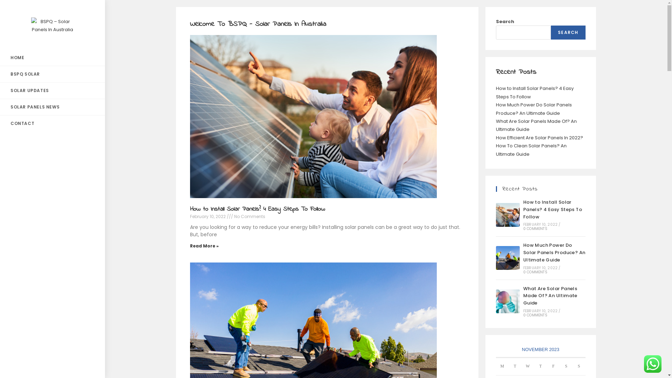 The width and height of the screenshot is (672, 378). I want to click on 'BSPQ SOLAR', so click(52, 74).